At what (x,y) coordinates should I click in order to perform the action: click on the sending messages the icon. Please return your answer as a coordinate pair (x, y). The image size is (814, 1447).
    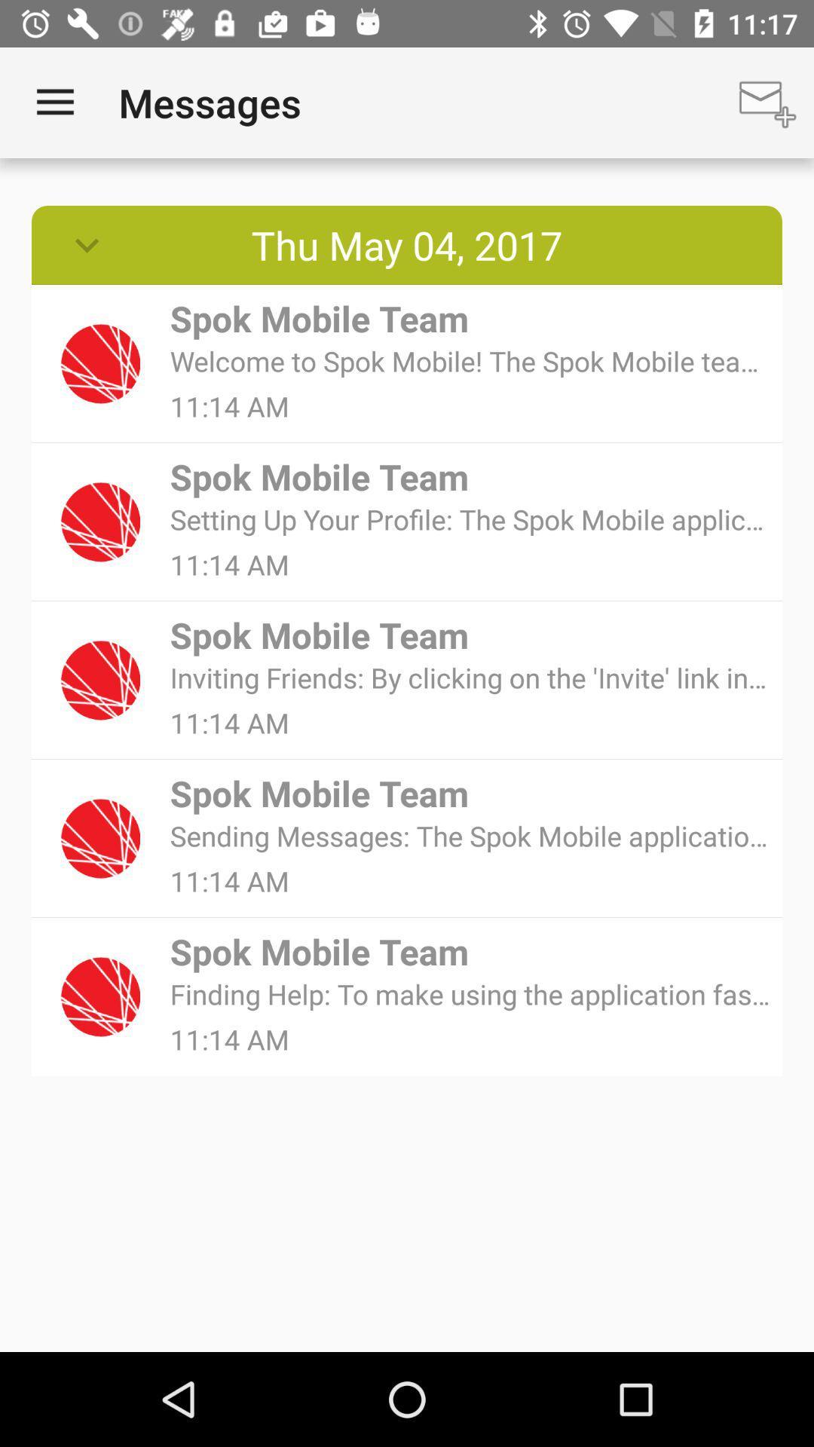
    Looking at the image, I should click on (470, 835).